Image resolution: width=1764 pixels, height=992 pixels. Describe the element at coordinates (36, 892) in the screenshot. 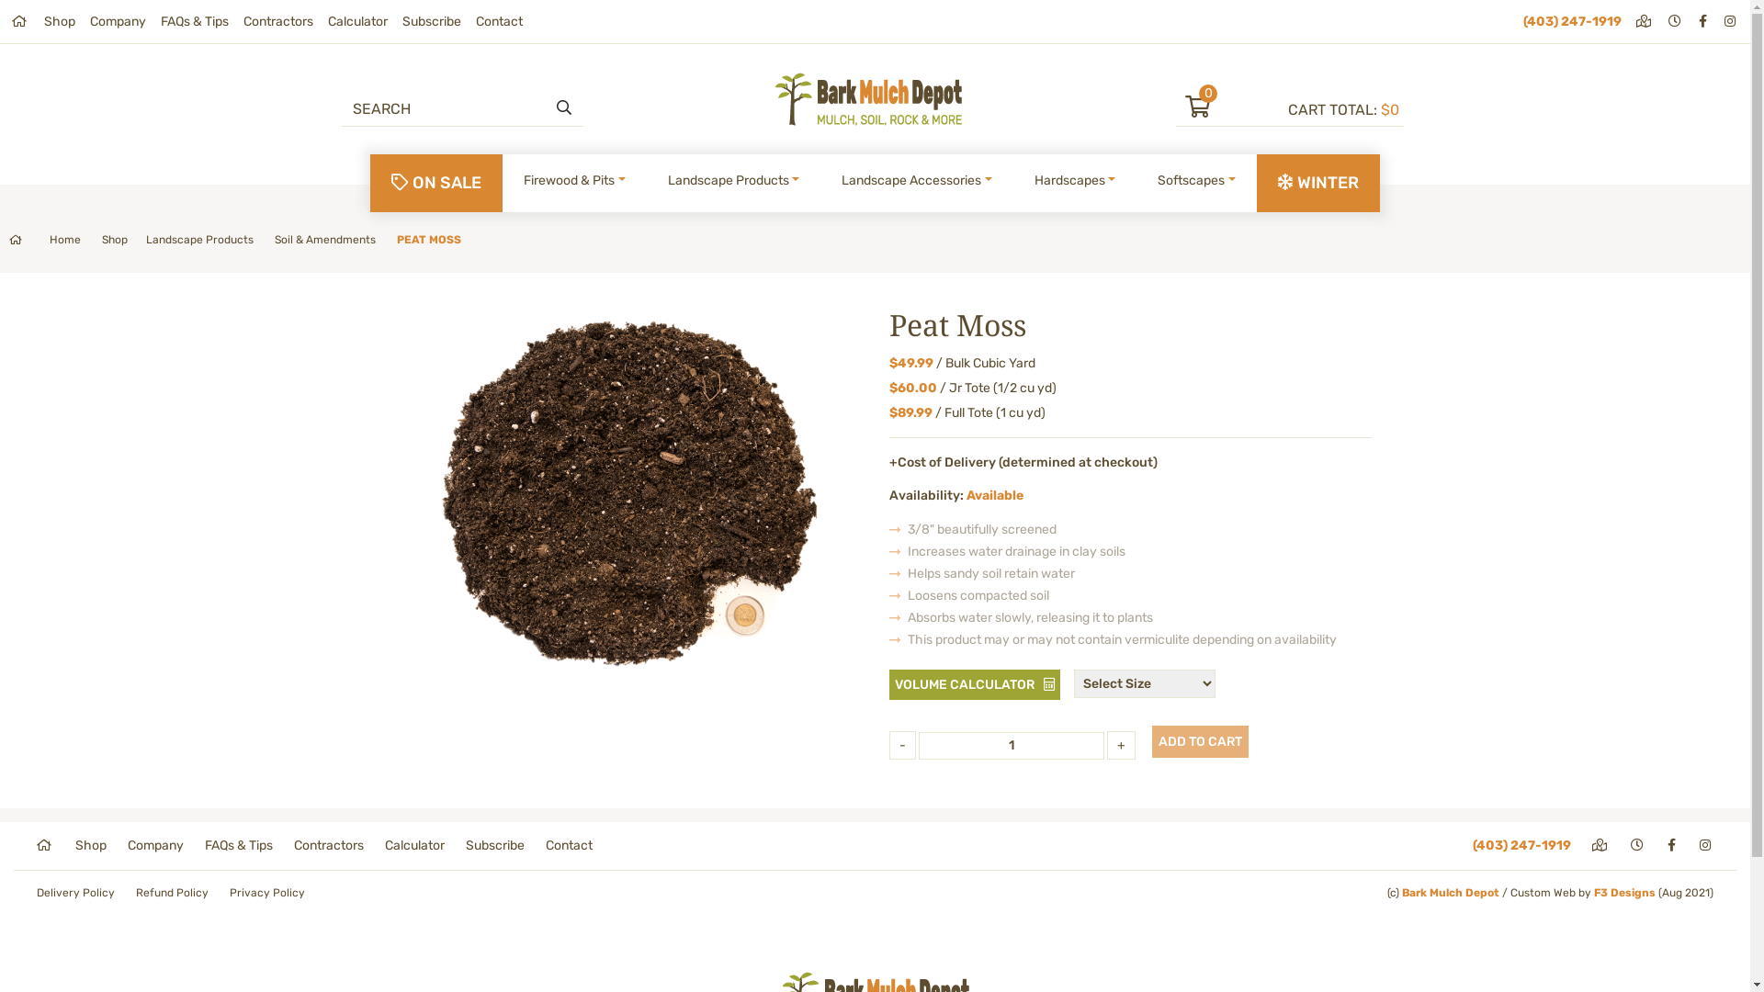

I see `'Delivery Policy'` at that location.